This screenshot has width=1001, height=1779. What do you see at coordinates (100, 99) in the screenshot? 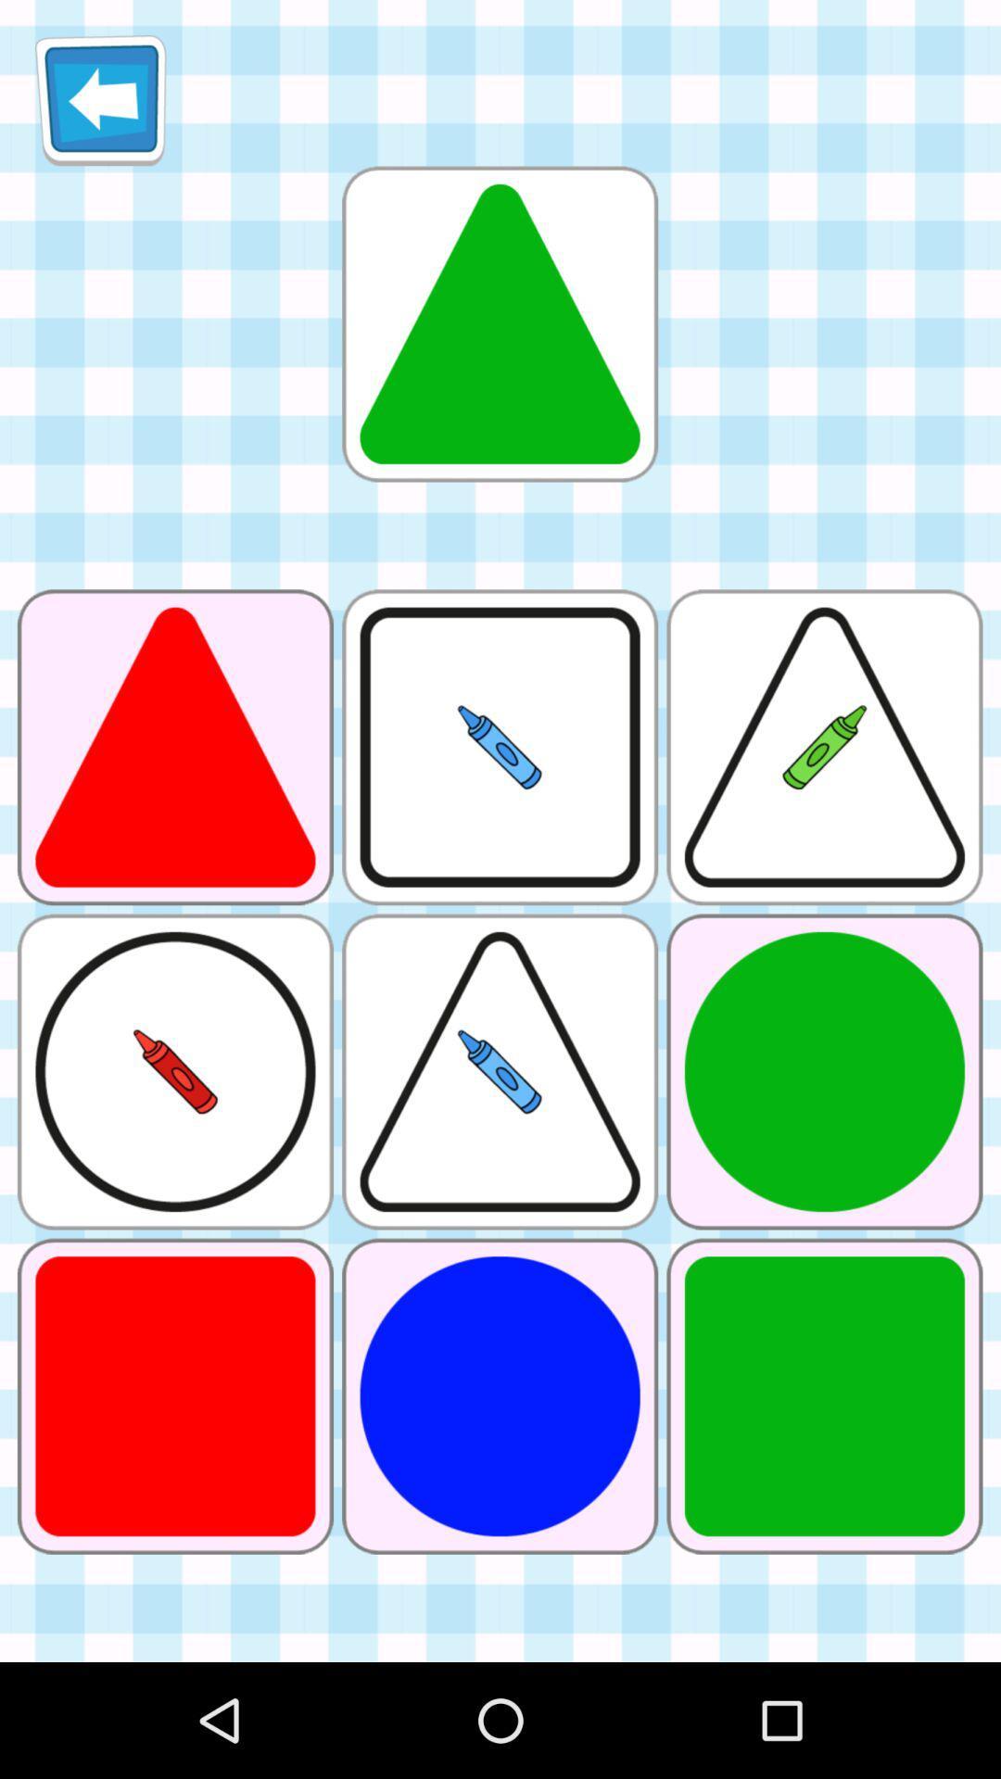
I see `goto previous` at bounding box center [100, 99].